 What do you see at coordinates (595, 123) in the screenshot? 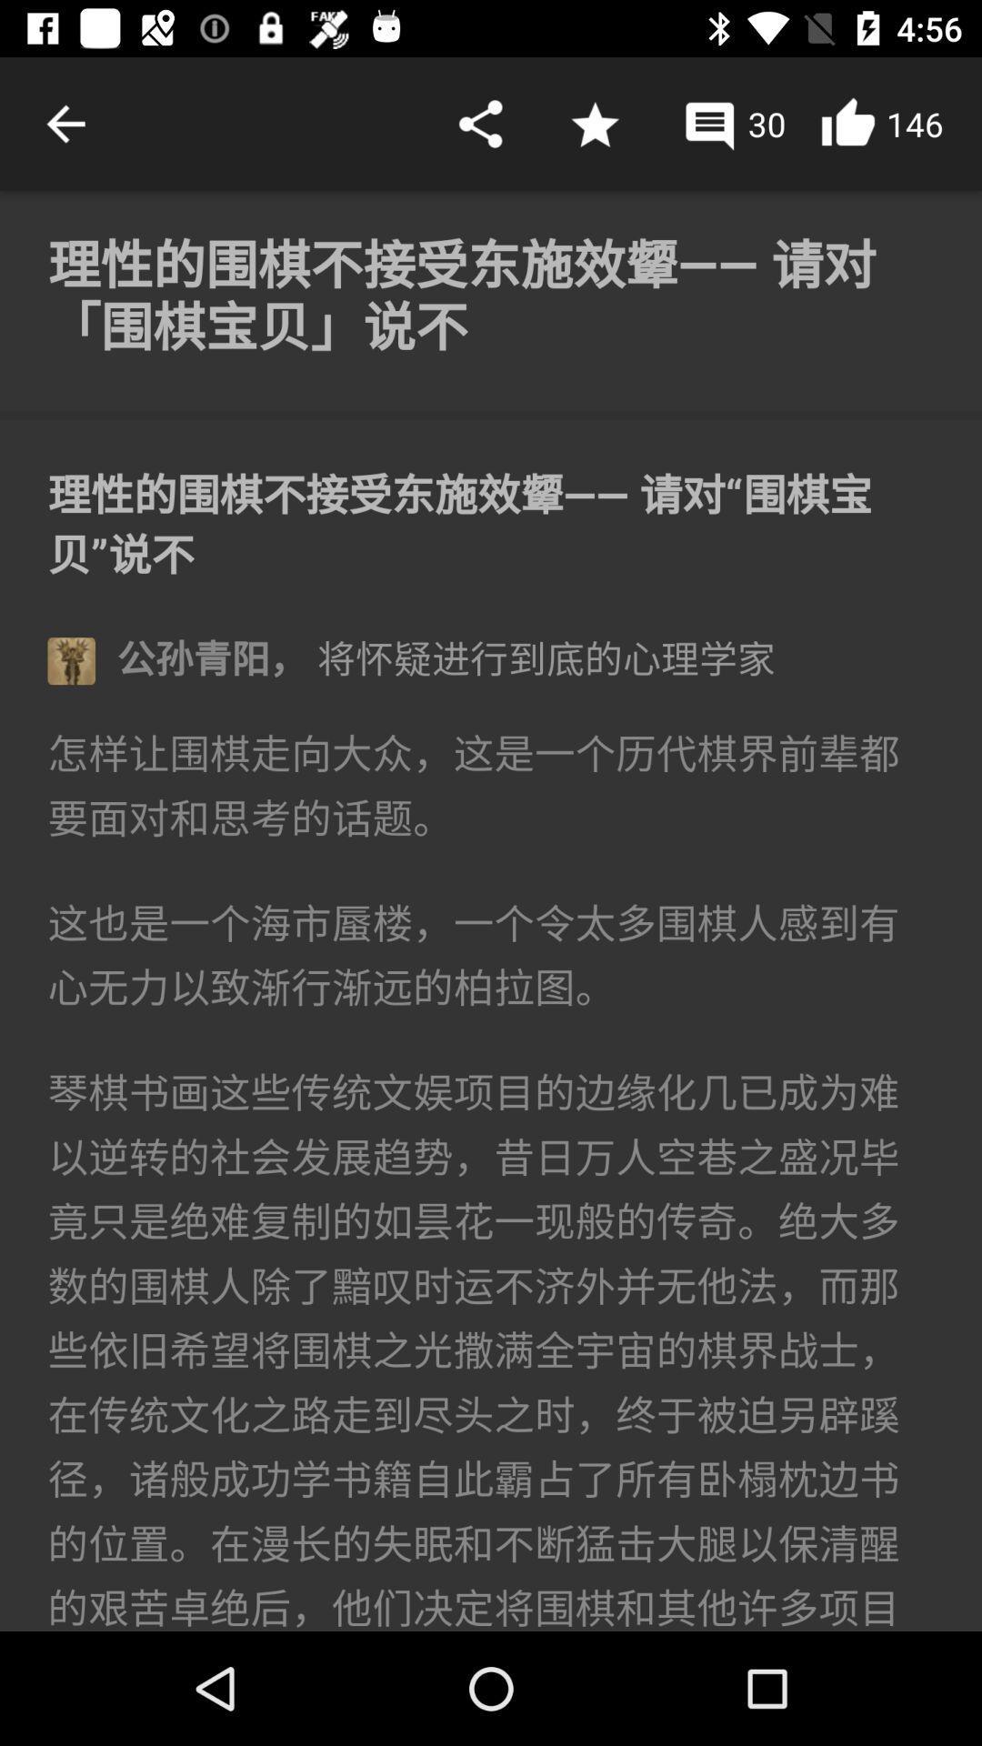
I see `favourtie button` at bounding box center [595, 123].